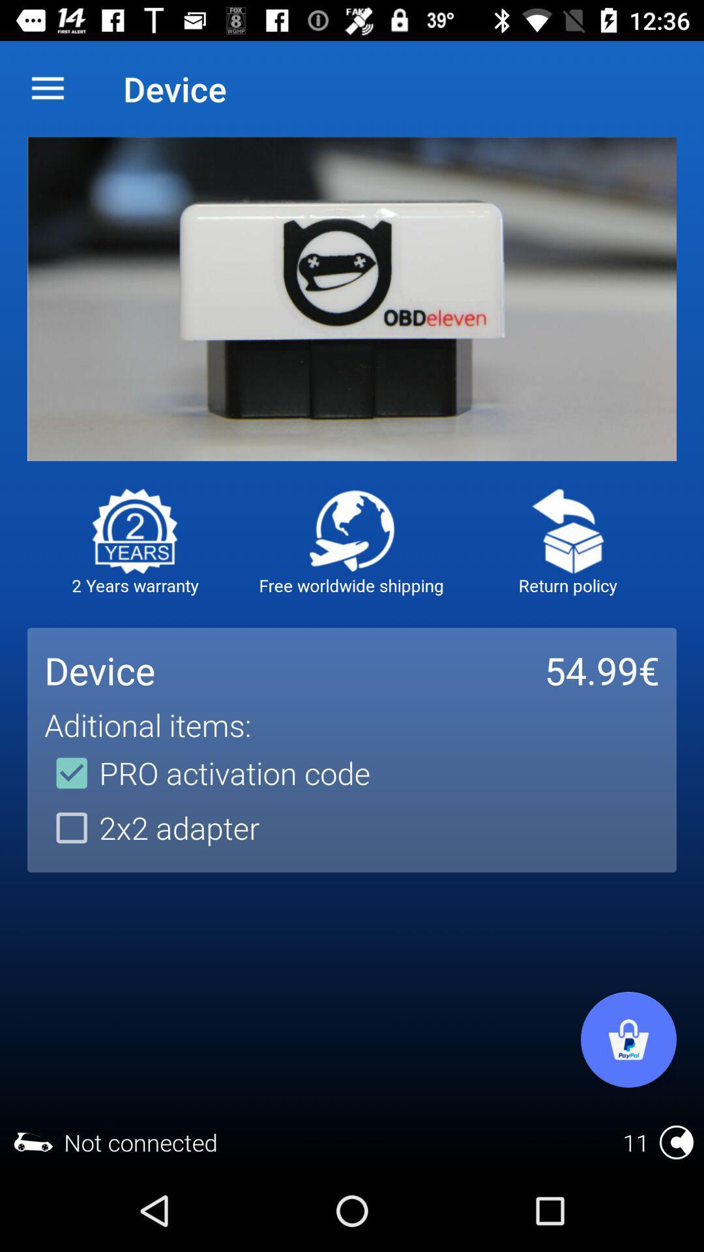 The height and width of the screenshot is (1252, 704). Describe the element at coordinates (47, 88) in the screenshot. I see `the item to the left of device icon` at that location.